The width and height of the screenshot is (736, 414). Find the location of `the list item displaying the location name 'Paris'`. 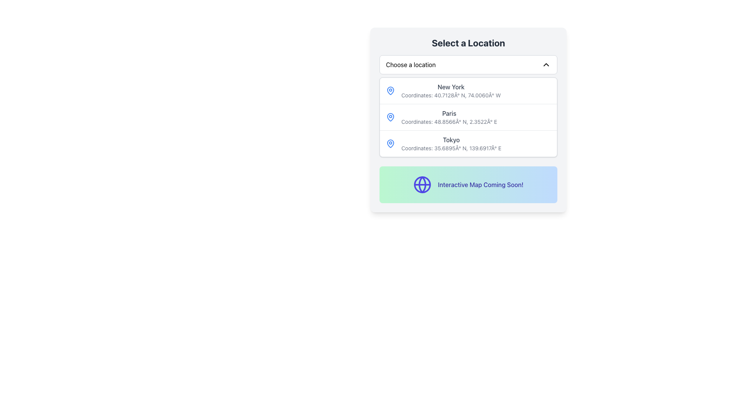

the list item displaying the location name 'Paris' is located at coordinates (468, 120).